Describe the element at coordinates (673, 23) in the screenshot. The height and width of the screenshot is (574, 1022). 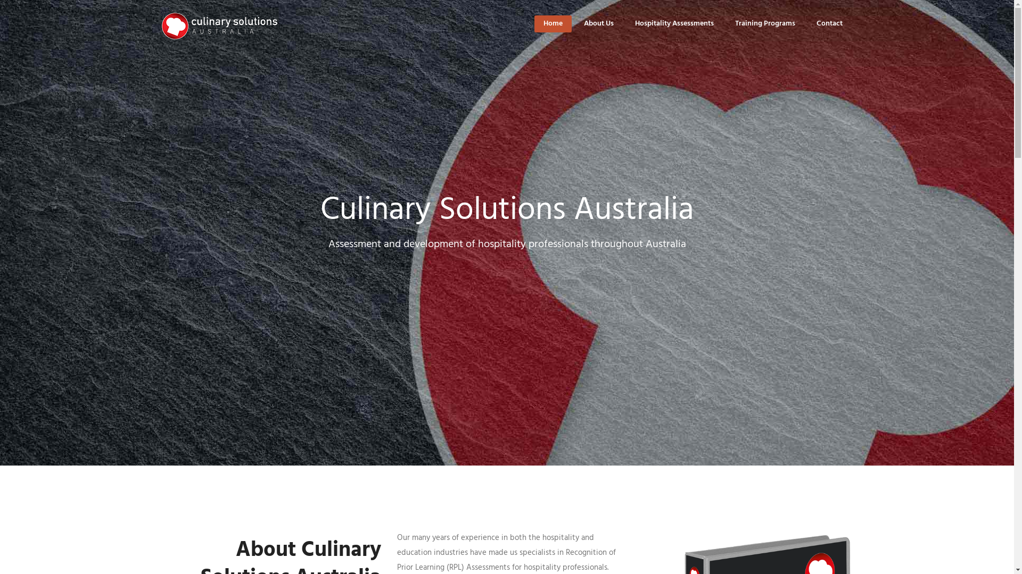
I see `'Hospitality Assessments'` at that location.